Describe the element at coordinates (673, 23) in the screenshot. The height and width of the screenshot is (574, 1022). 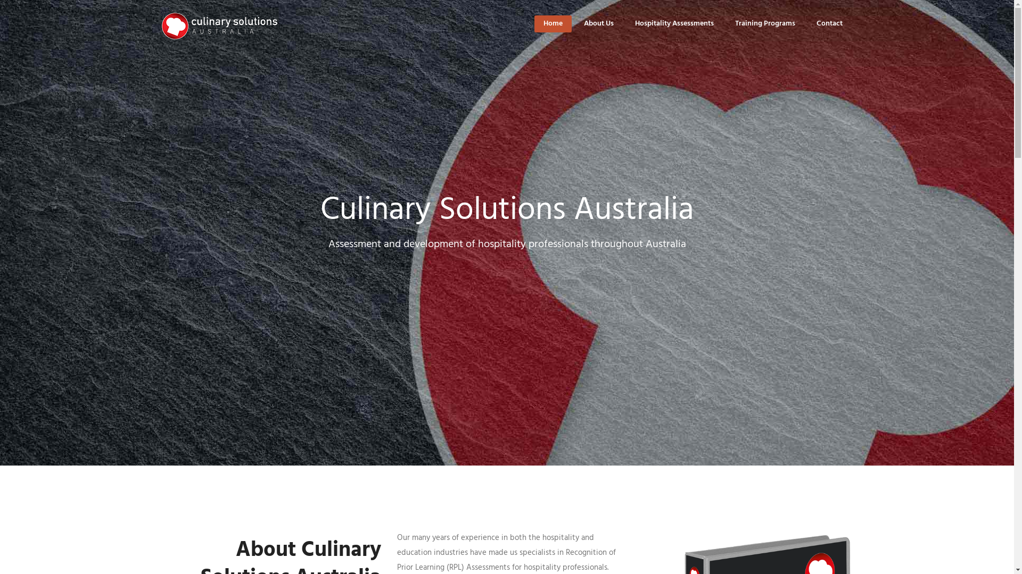
I see `'Hospitality Assessments'` at that location.